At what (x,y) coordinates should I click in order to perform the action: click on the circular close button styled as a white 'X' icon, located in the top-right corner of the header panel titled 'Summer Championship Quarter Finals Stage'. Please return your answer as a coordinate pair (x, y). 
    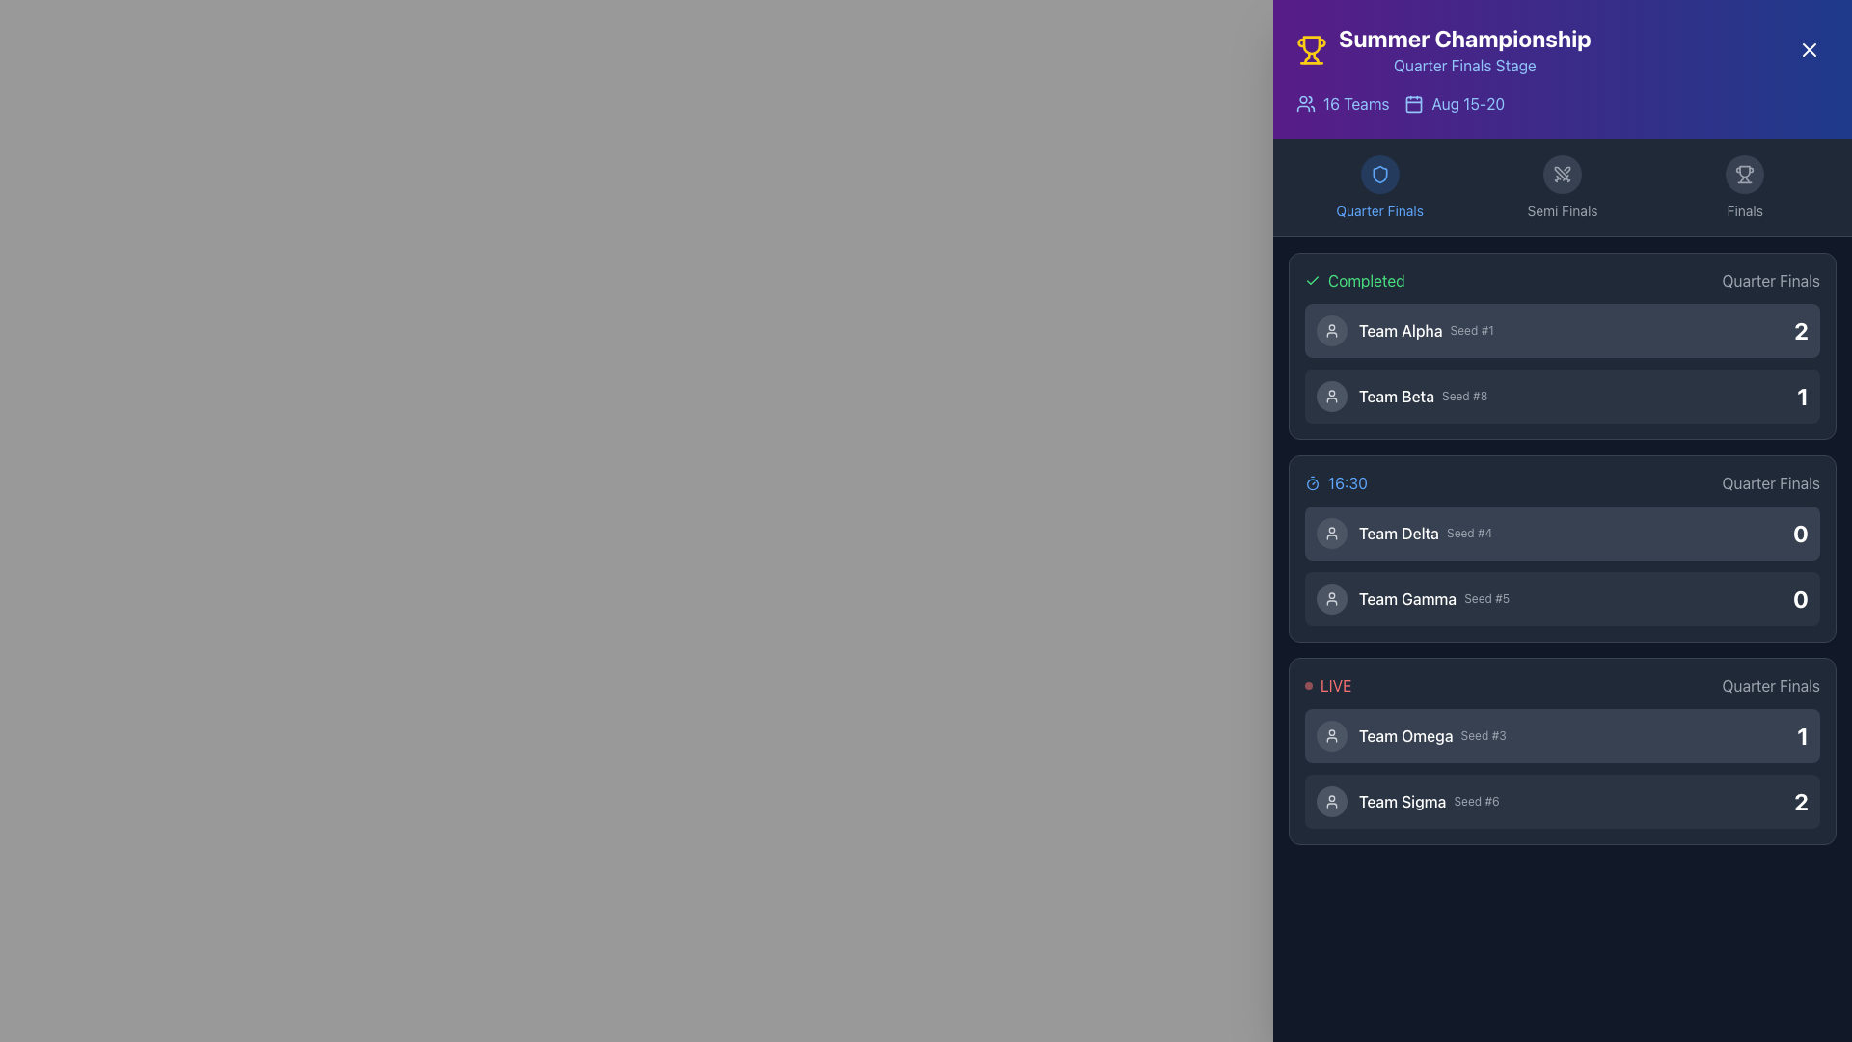
    Looking at the image, I should click on (1809, 48).